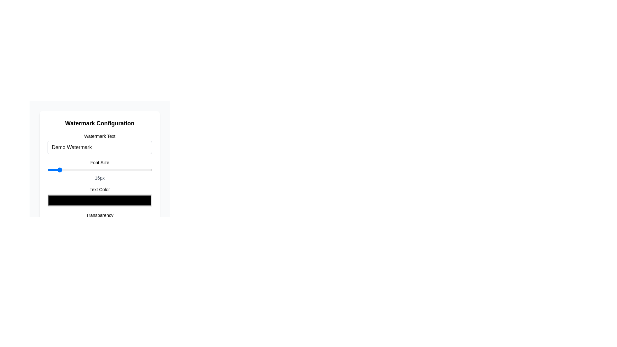 The width and height of the screenshot is (617, 347). Describe the element at coordinates (99, 178) in the screenshot. I see `the small gray text label displaying '16px' located directly below the font size adjustment slider` at that location.